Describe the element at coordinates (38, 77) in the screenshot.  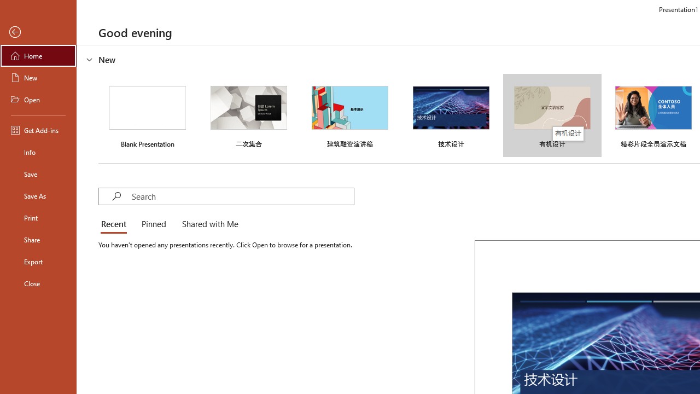
I see `'New'` at that location.